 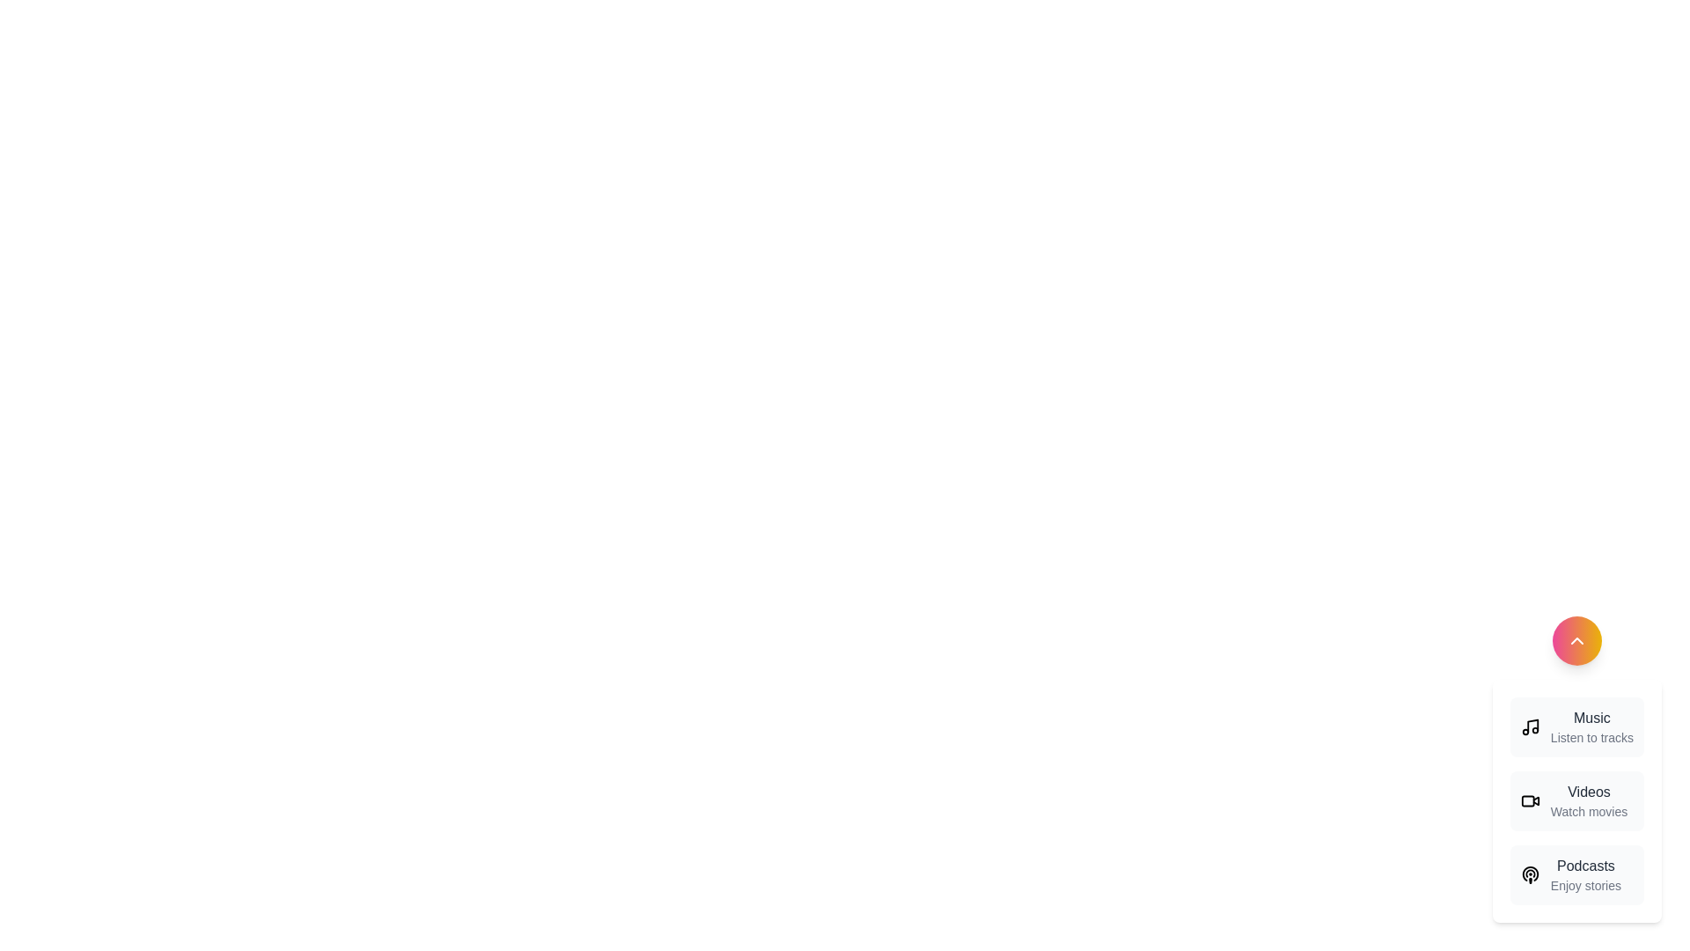 What do you see at coordinates (1576, 801) in the screenshot?
I see `the 'Videos' option in the MediaSpeedDial component` at bounding box center [1576, 801].